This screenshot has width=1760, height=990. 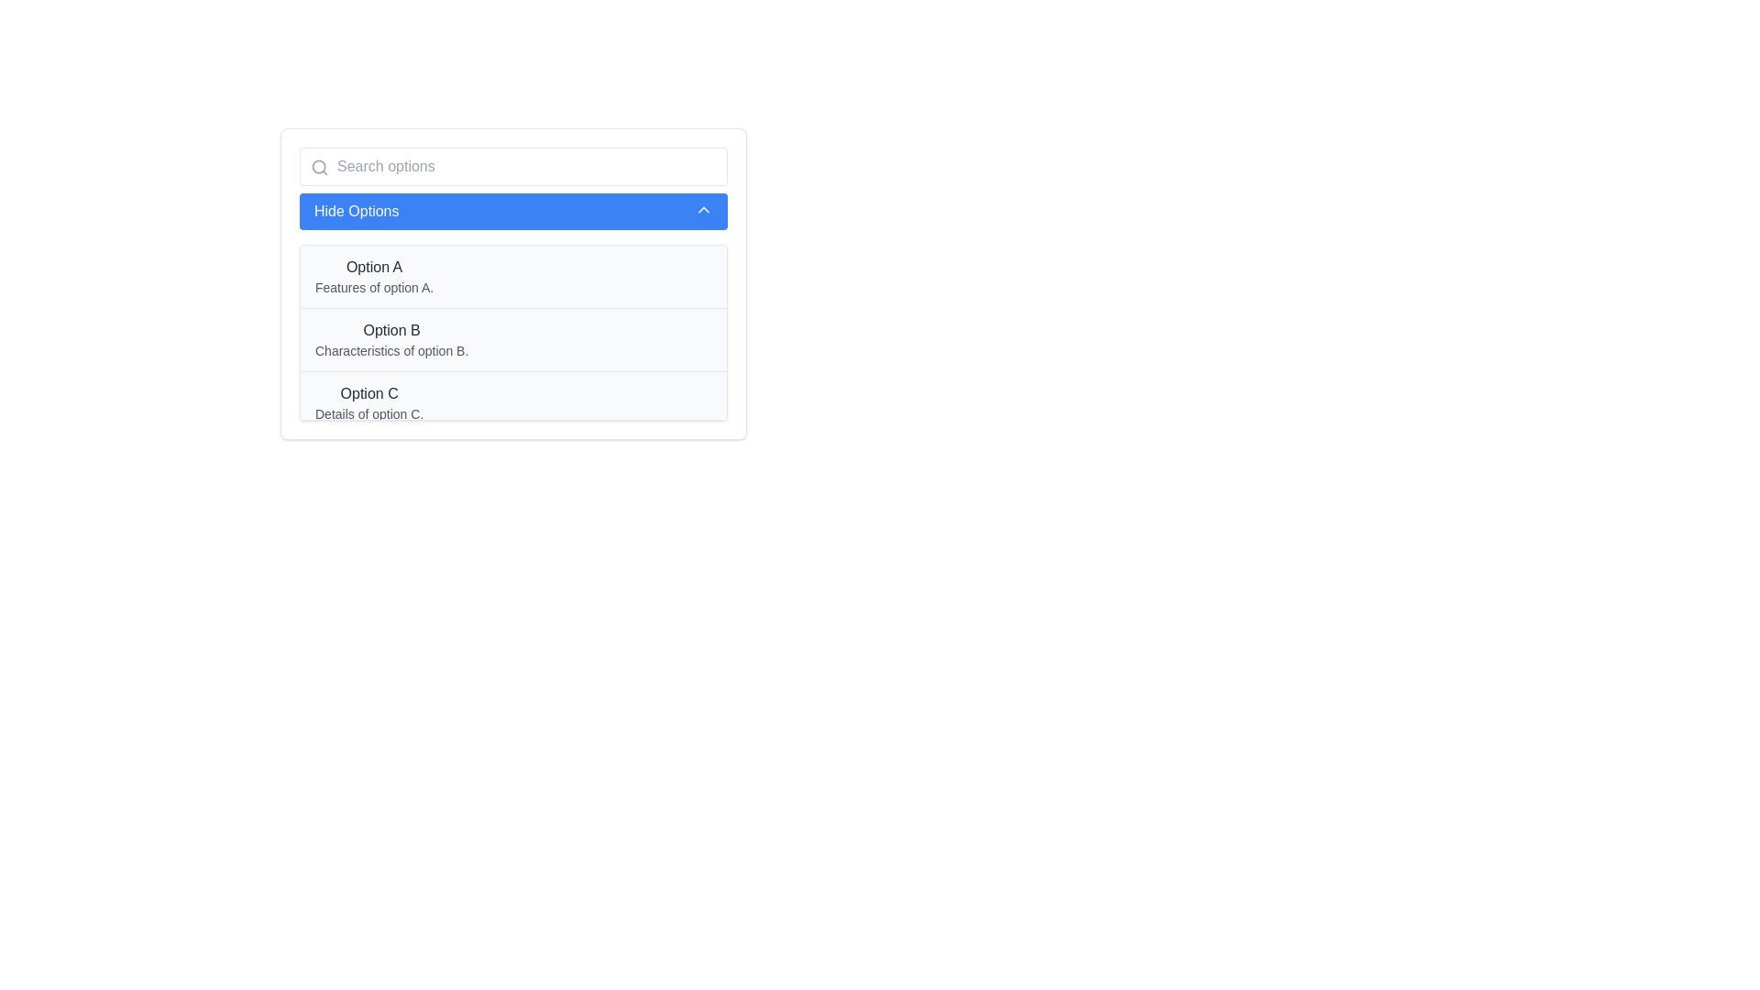 I want to click on the first selectable item, so click(x=373, y=276).